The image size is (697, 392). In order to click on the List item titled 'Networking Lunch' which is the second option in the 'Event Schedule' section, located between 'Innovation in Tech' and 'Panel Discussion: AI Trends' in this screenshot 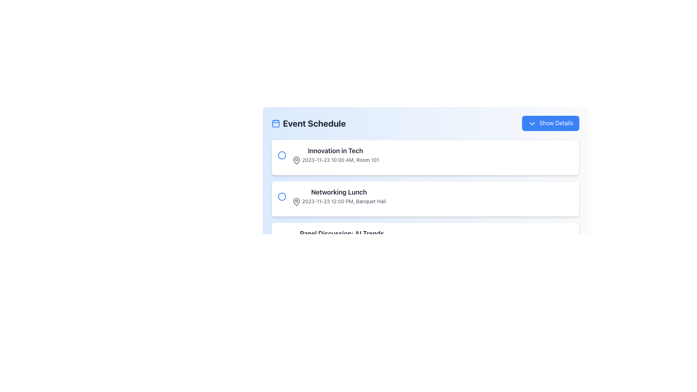, I will do `click(425, 196)`.